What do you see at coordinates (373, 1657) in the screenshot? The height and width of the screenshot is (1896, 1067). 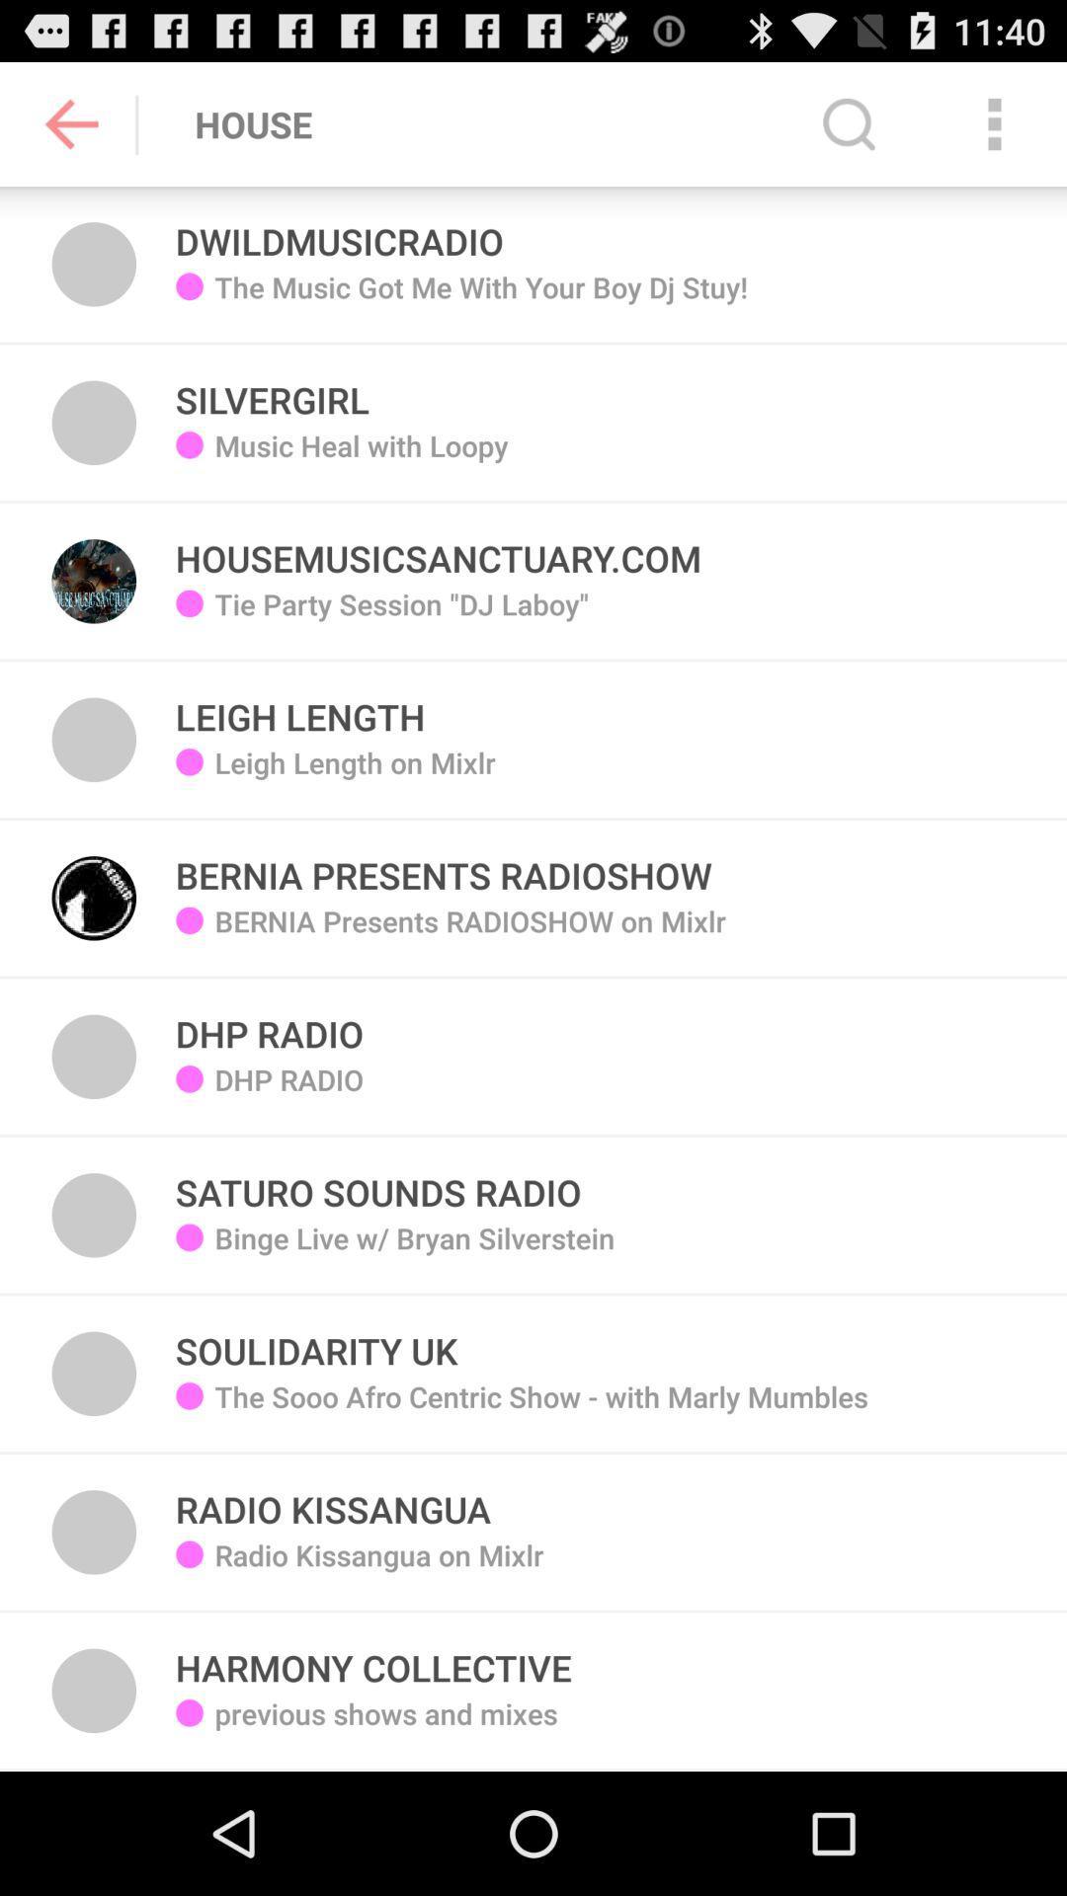 I see `the app below radio kissangua on icon` at bounding box center [373, 1657].